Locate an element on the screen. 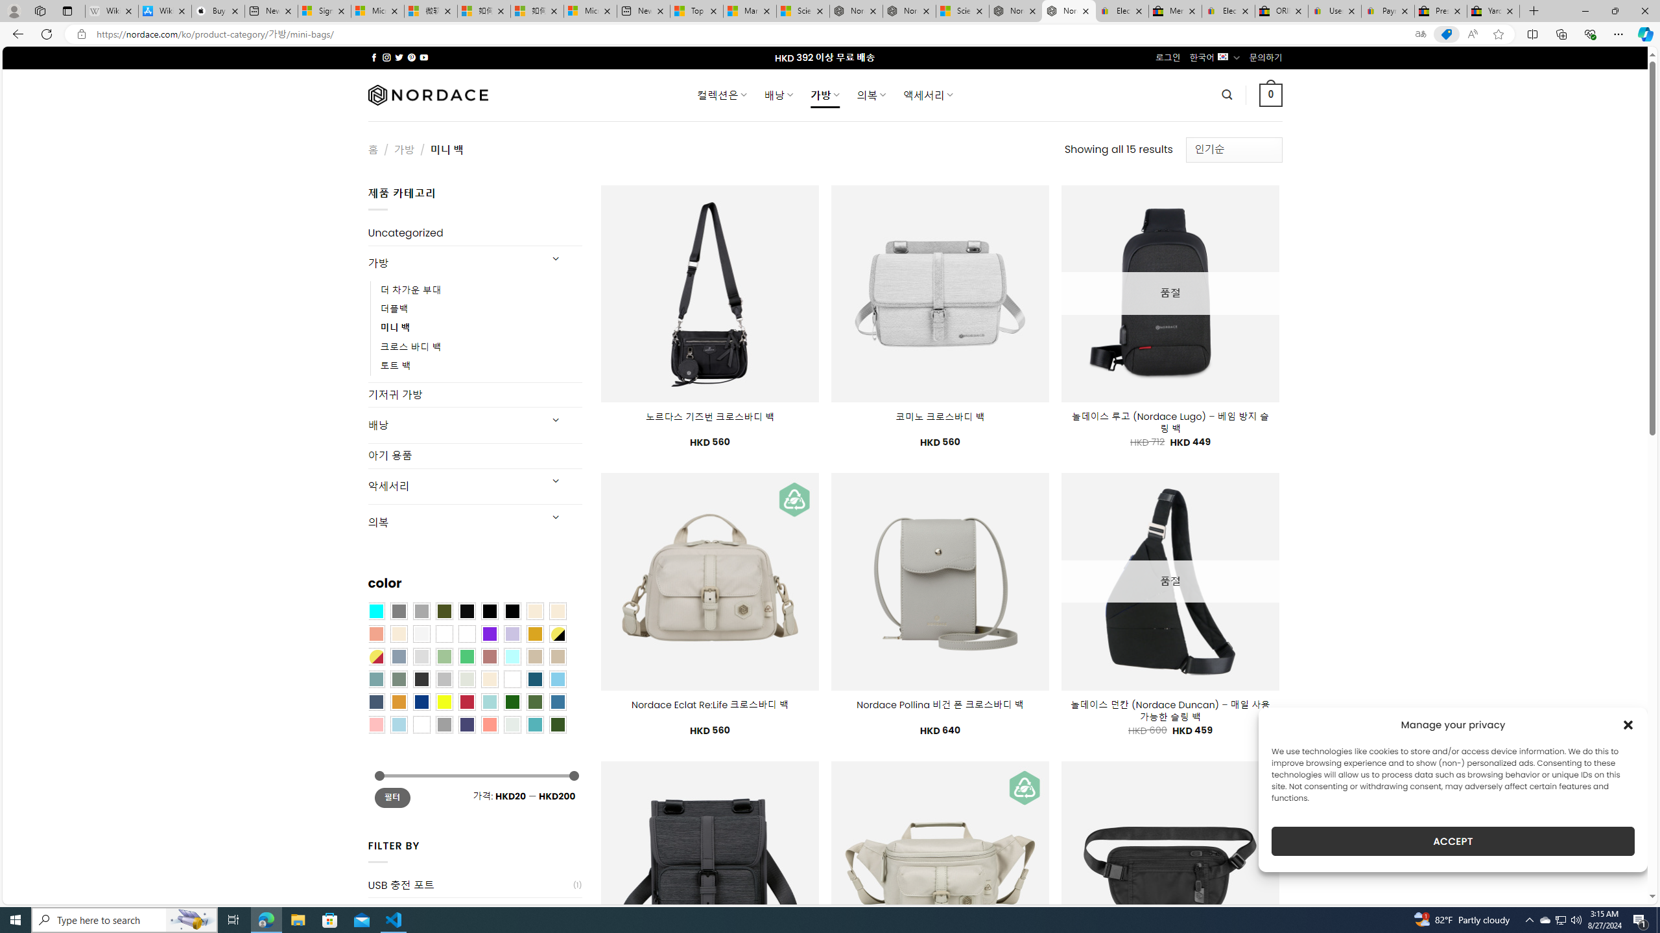 This screenshot has width=1660, height=933. 'Class: cmplz-close' is located at coordinates (1628, 724).